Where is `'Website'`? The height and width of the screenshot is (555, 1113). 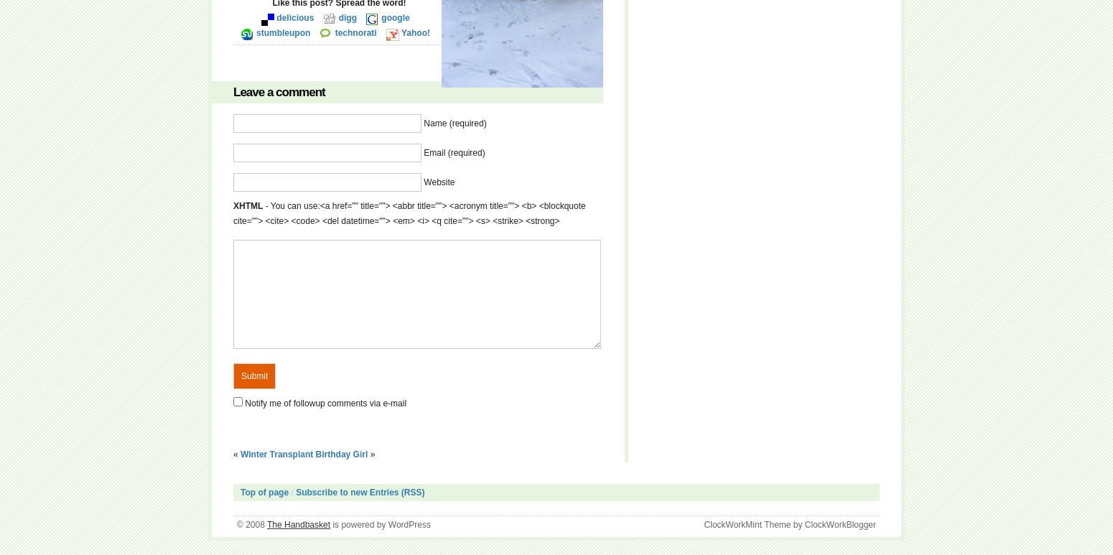 'Website' is located at coordinates (439, 182).